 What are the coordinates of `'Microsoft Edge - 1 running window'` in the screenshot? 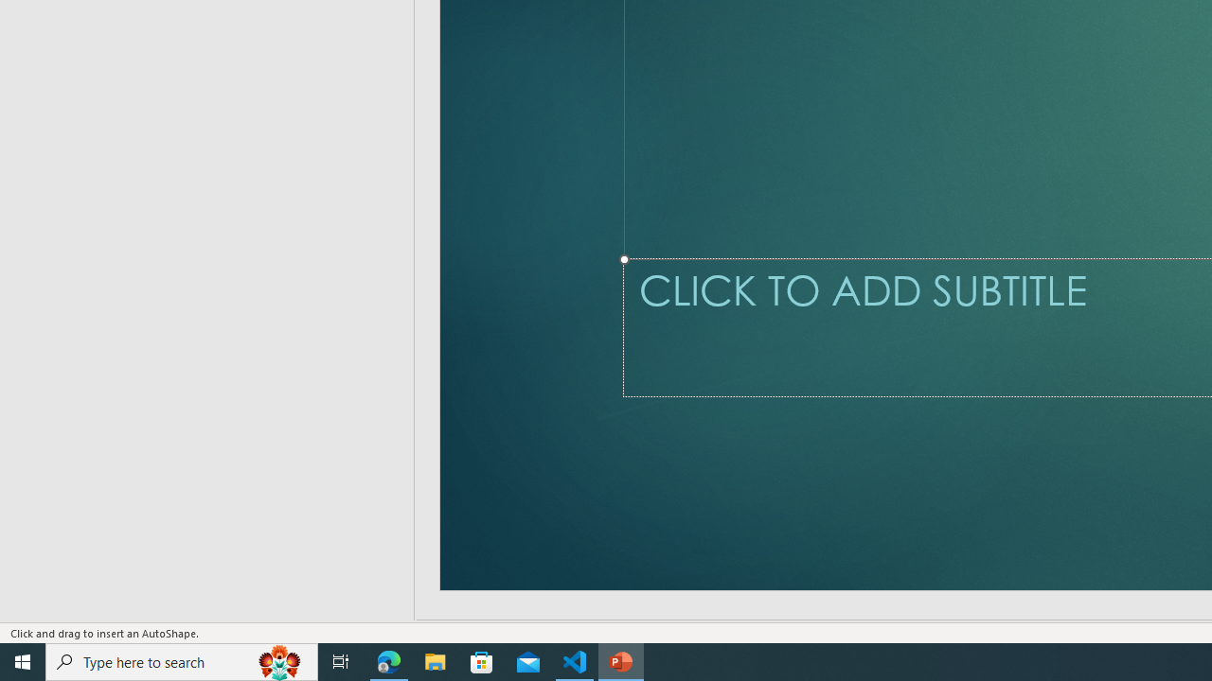 It's located at (388, 660).